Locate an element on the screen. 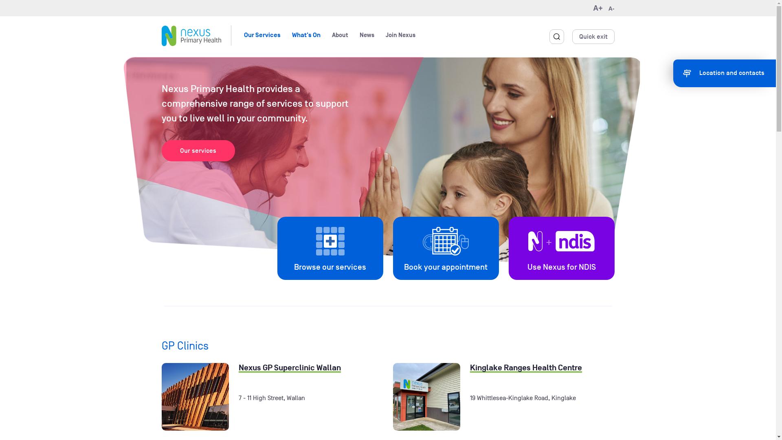 Image resolution: width=782 pixels, height=440 pixels. 'About' is located at coordinates (340, 35).